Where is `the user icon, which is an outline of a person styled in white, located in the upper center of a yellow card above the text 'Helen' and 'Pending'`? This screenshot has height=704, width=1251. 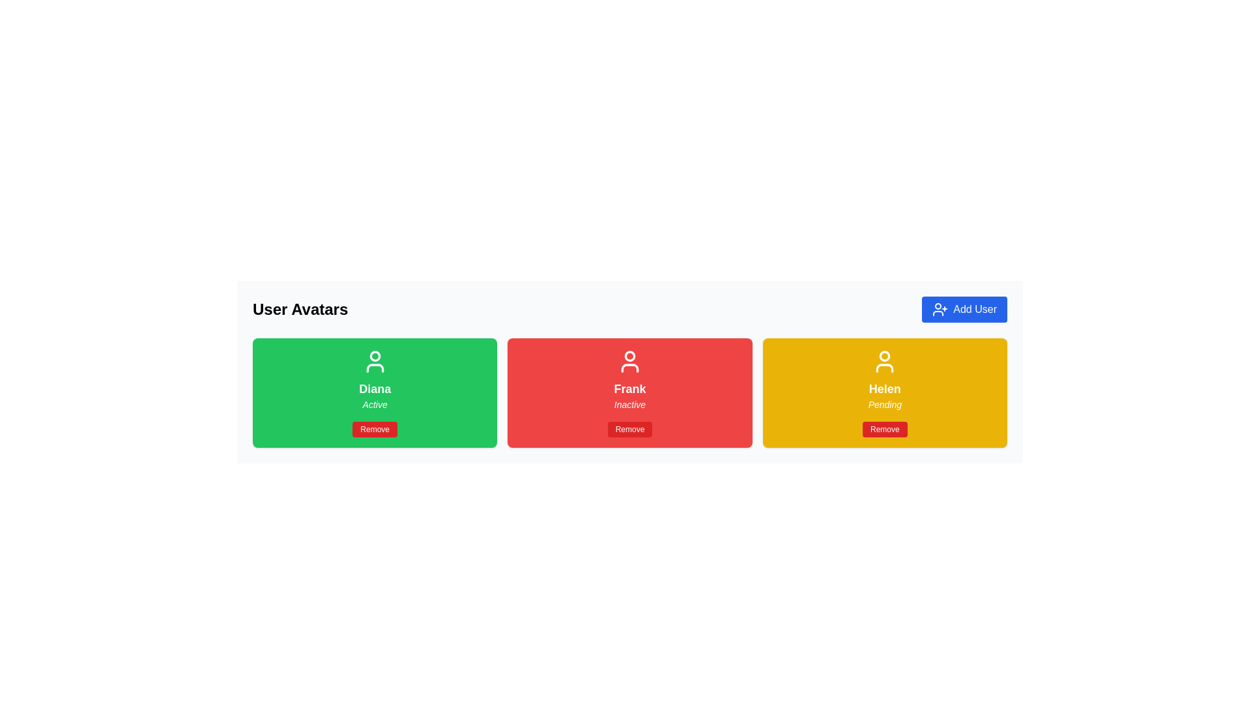 the user icon, which is an outline of a person styled in white, located in the upper center of a yellow card above the text 'Helen' and 'Pending' is located at coordinates (885, 362).